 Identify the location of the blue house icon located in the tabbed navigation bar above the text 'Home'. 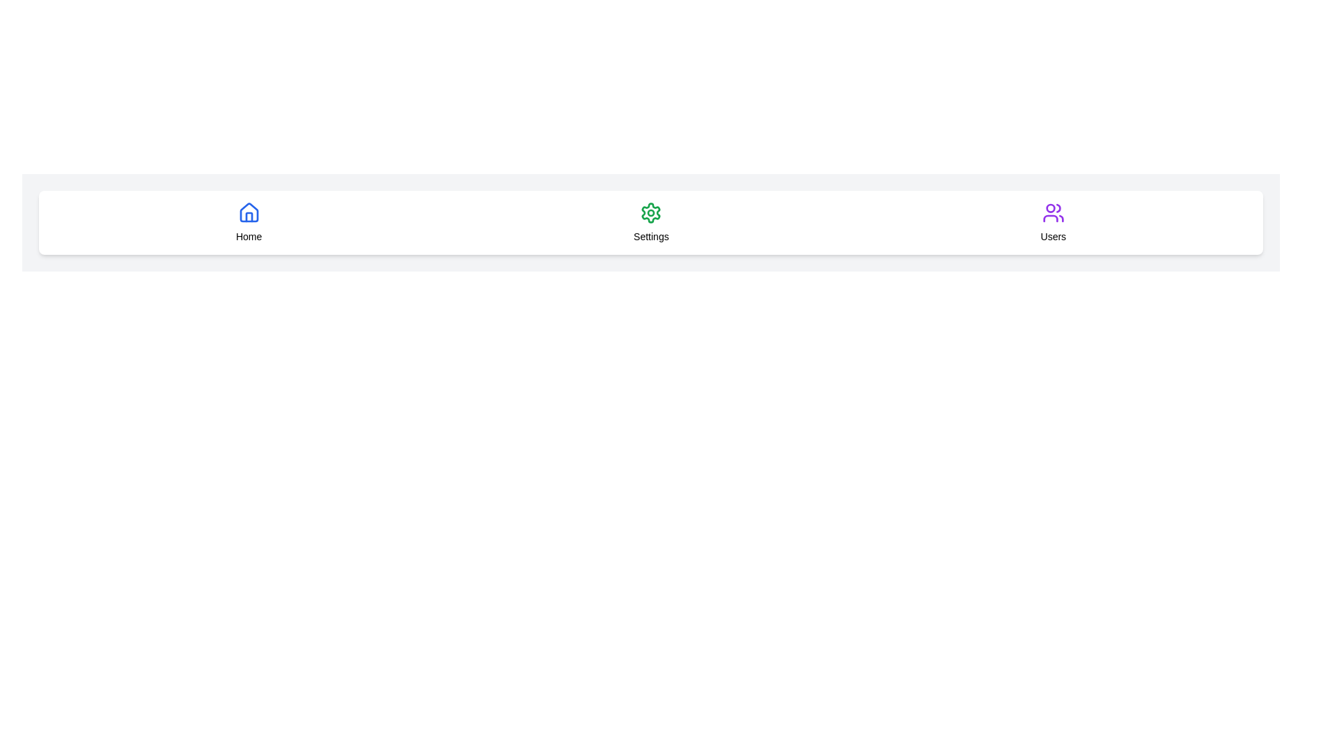
(249, 212).